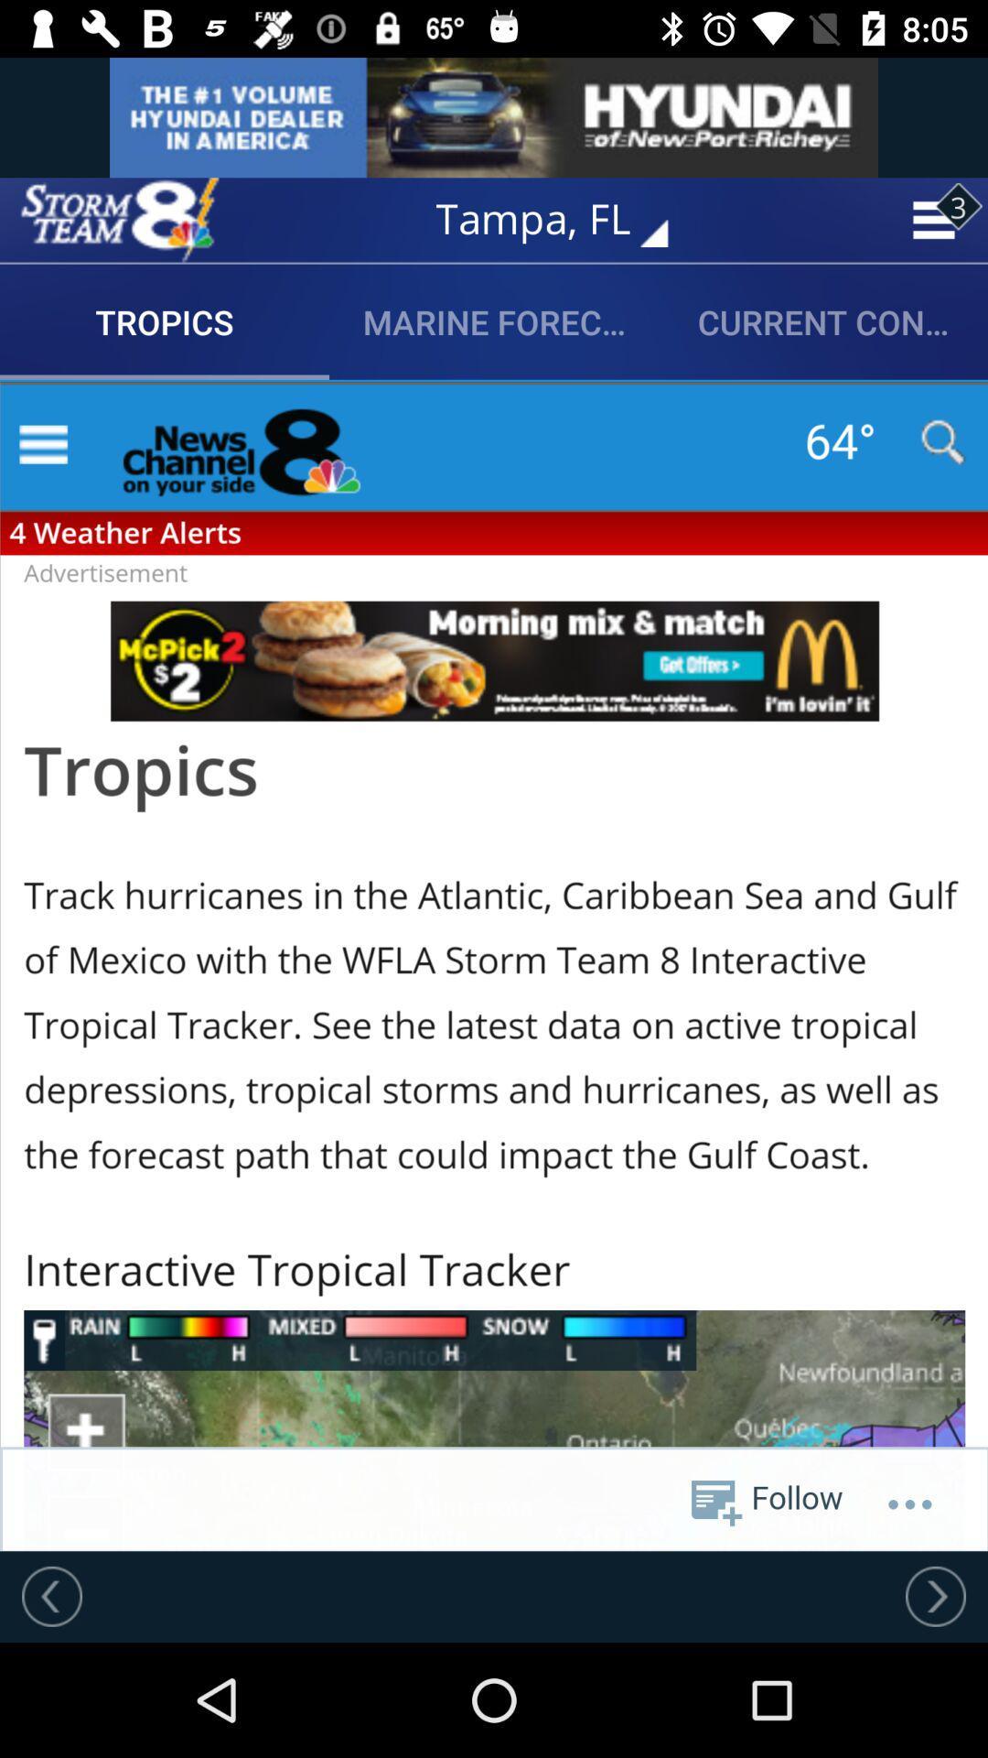  I want to click on move forward, so click(935, 1595).